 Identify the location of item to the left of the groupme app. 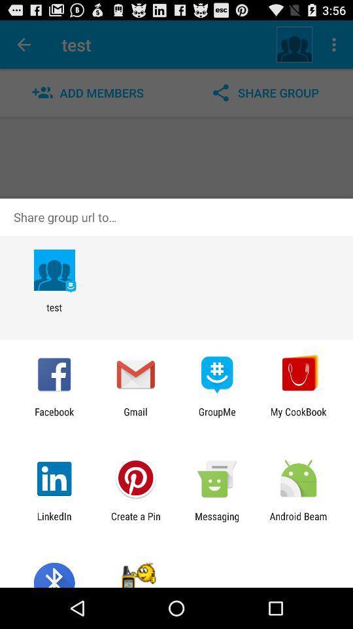
(135, 417).